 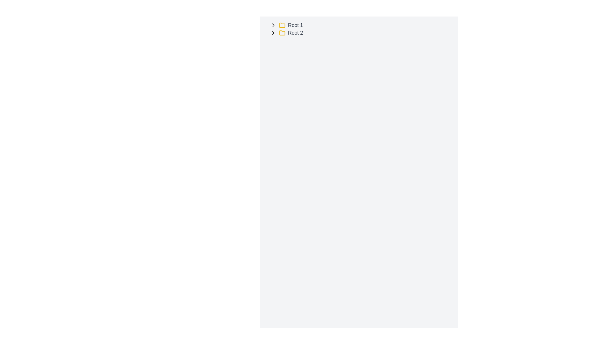 I want to click on the Chevron toggle icon next to 'Root 2', so click(x=273, y=33).